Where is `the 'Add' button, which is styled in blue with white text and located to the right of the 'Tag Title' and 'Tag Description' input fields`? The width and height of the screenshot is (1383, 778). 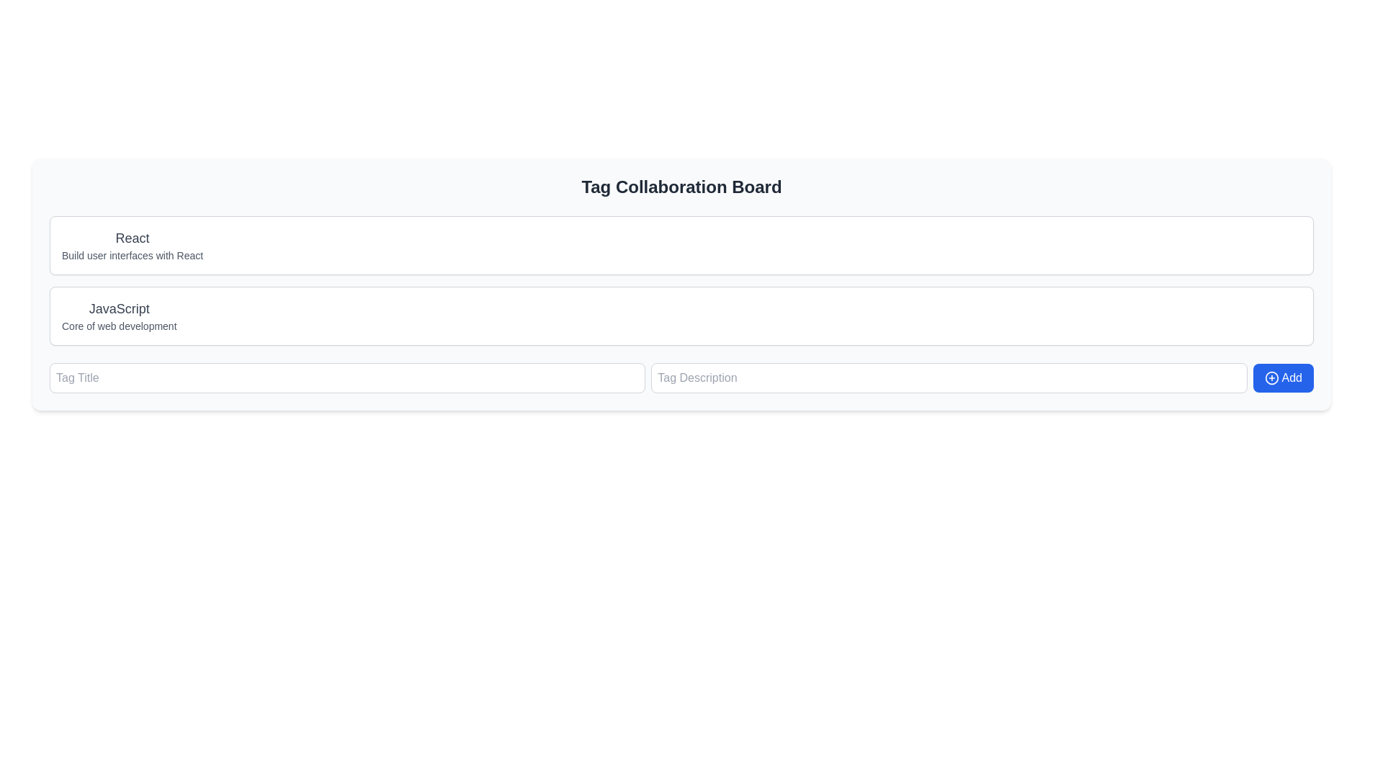
the 'Add' button, which is styled in blue with white text and located to the right of the 'Tag Title' and 'Tag Description' input fields is located at coordinates (681, 377).